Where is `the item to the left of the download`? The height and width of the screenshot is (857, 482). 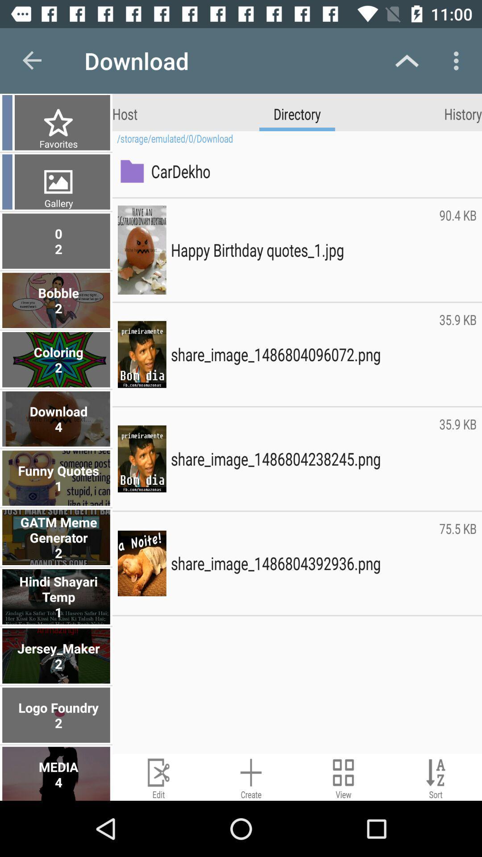
the item to the left of the download is located at coordinates (32, 60).